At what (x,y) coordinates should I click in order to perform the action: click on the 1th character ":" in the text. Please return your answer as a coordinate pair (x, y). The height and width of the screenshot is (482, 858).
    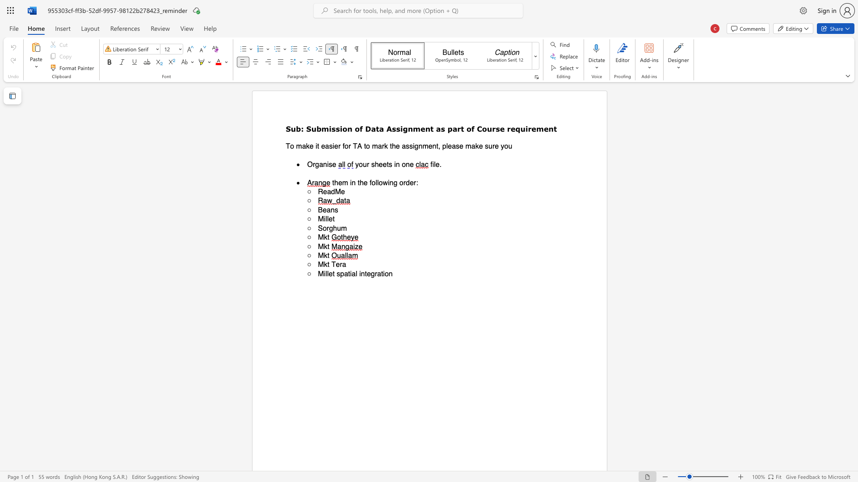
    Looking at the image, I should click on (416, 182).